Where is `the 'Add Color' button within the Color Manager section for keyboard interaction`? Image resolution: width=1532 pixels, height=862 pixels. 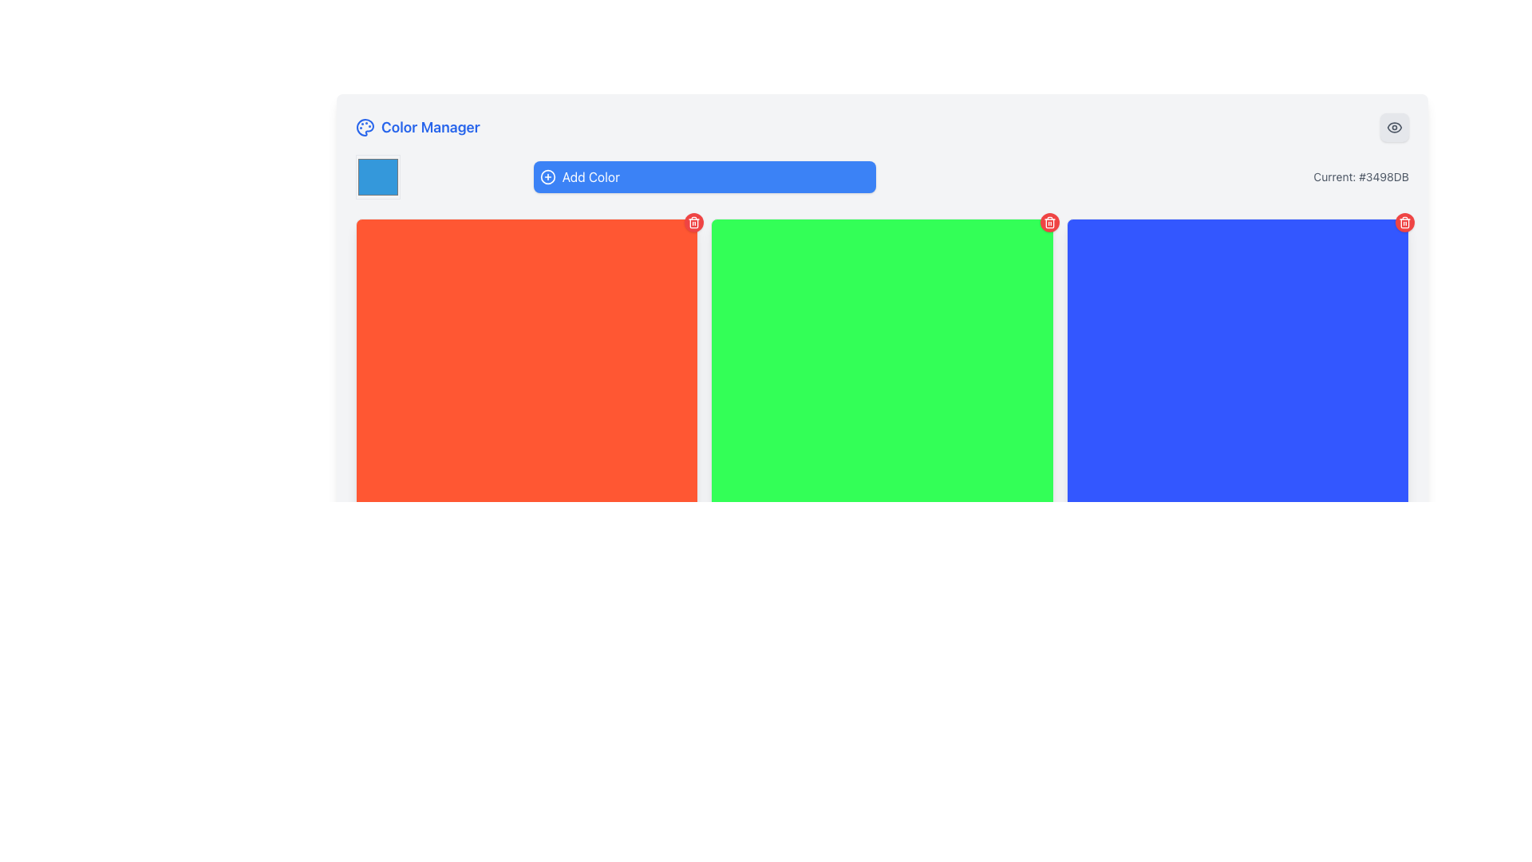 the 'Add Color' button within the Color Manager section for keyboard interaction is located at coordinates (881, 177).